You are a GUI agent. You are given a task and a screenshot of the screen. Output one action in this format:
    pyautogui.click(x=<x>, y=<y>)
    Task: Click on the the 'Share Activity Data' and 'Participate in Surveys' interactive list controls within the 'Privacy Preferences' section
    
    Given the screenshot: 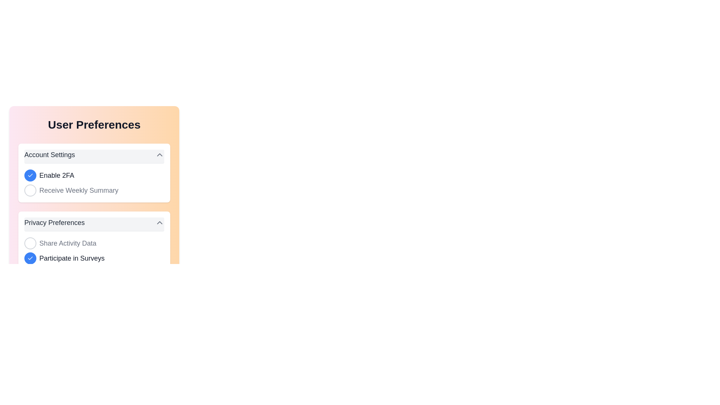 What is the action you would take?
    pyautogui.click(x=94, y=250)
    